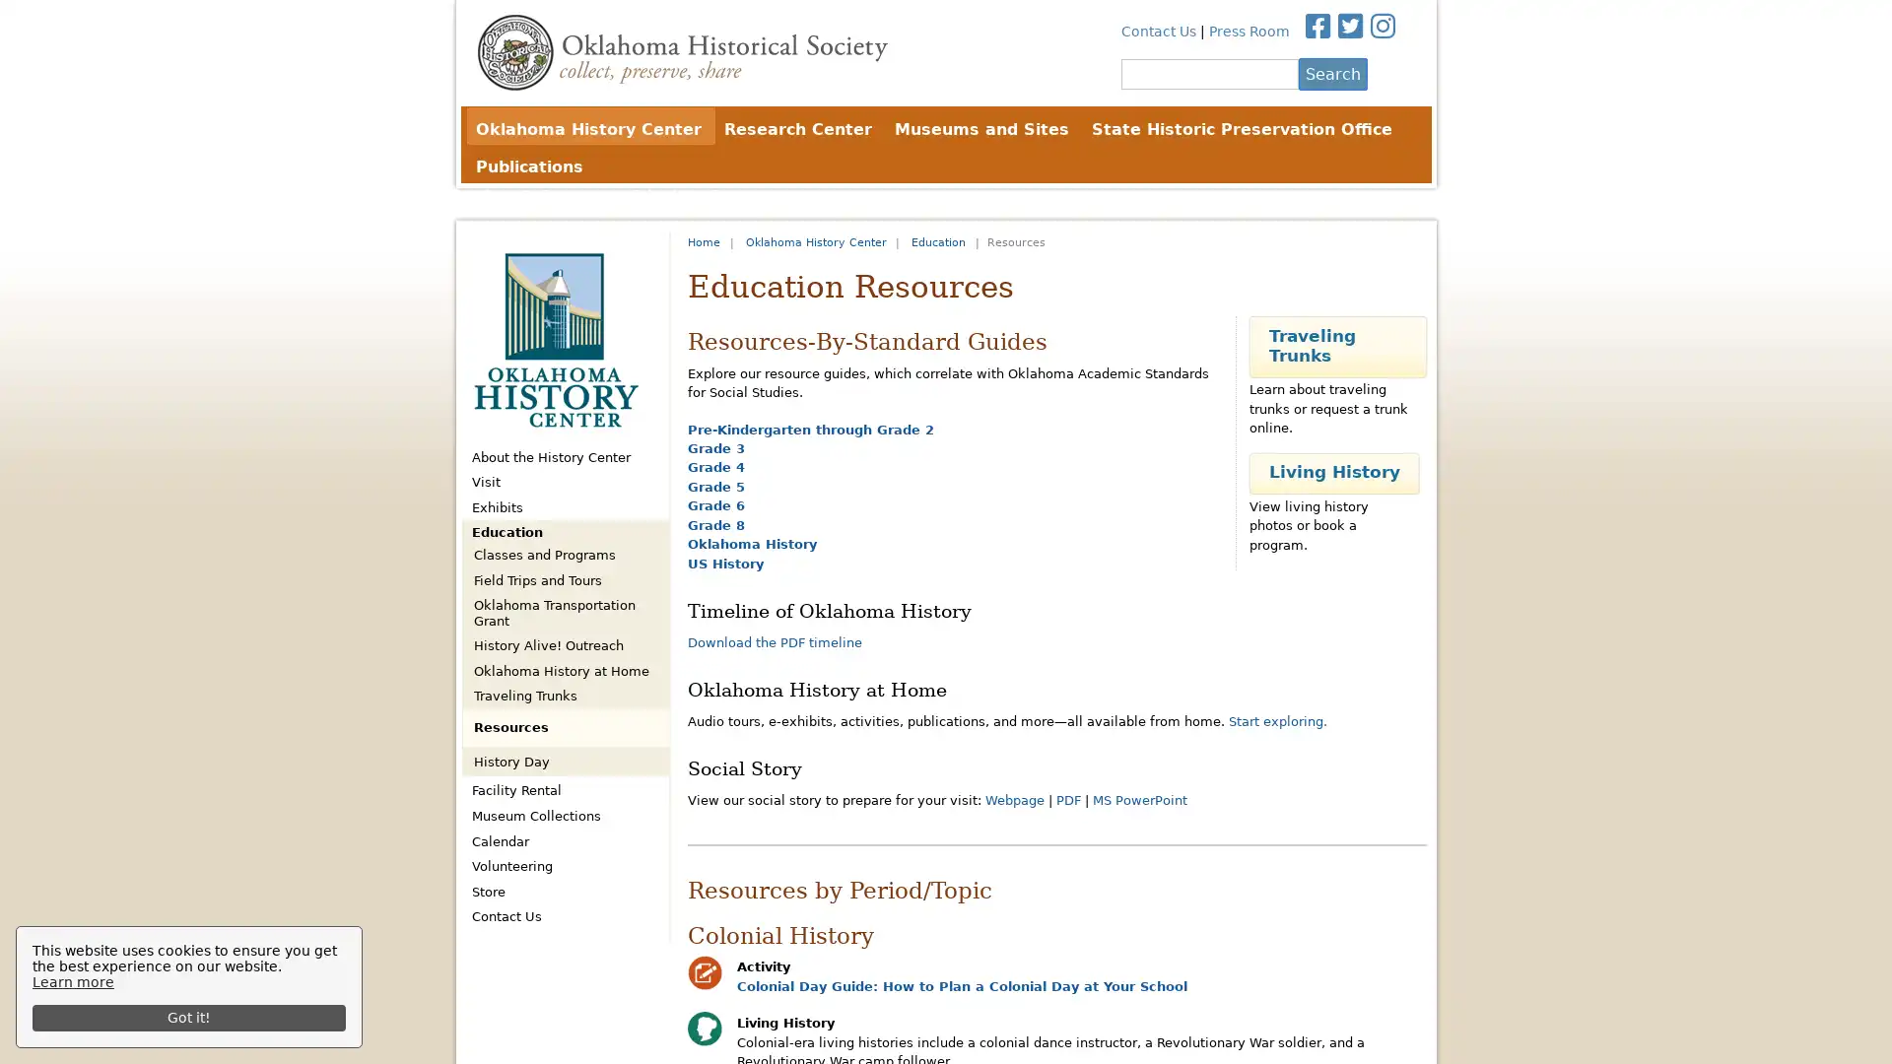 The height and width of the screenshot is (1064, 1892). I want to click on Search, so click(1332, 72).